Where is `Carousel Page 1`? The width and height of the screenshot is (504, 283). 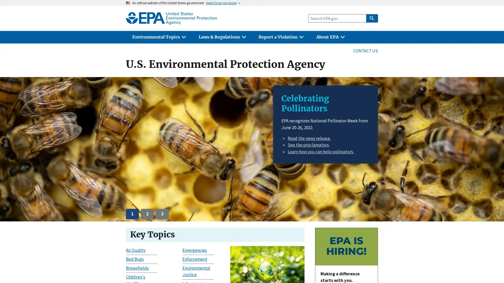 Carousel Page 1 is located at coordinates (132, 214).